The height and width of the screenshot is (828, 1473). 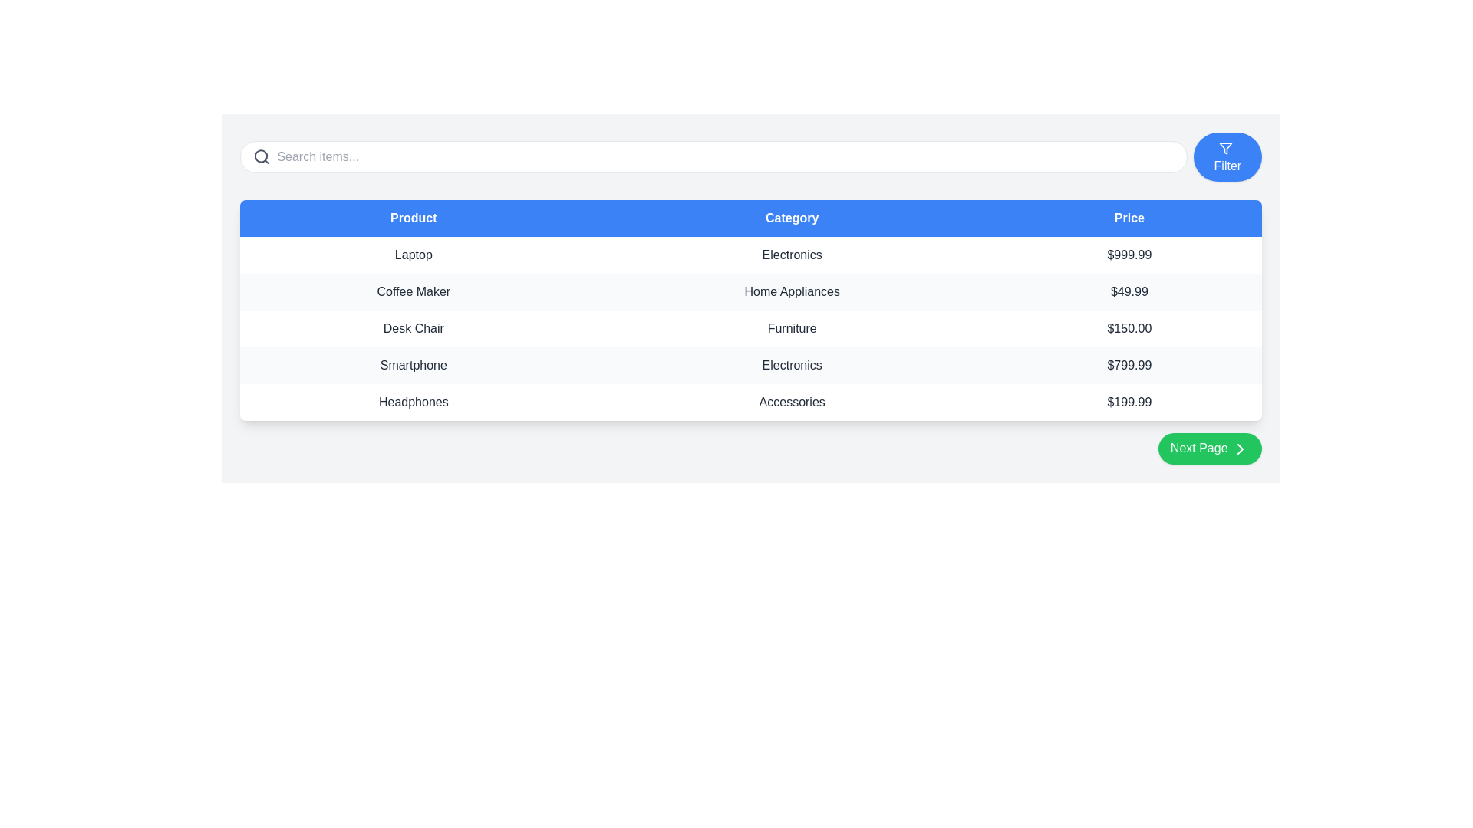 I want to click on the text label displaying the product name, located in the first position of its row below the 'Product' header, followed by 'Home Appliances' and '$49.99', so click(x=414, y=292).